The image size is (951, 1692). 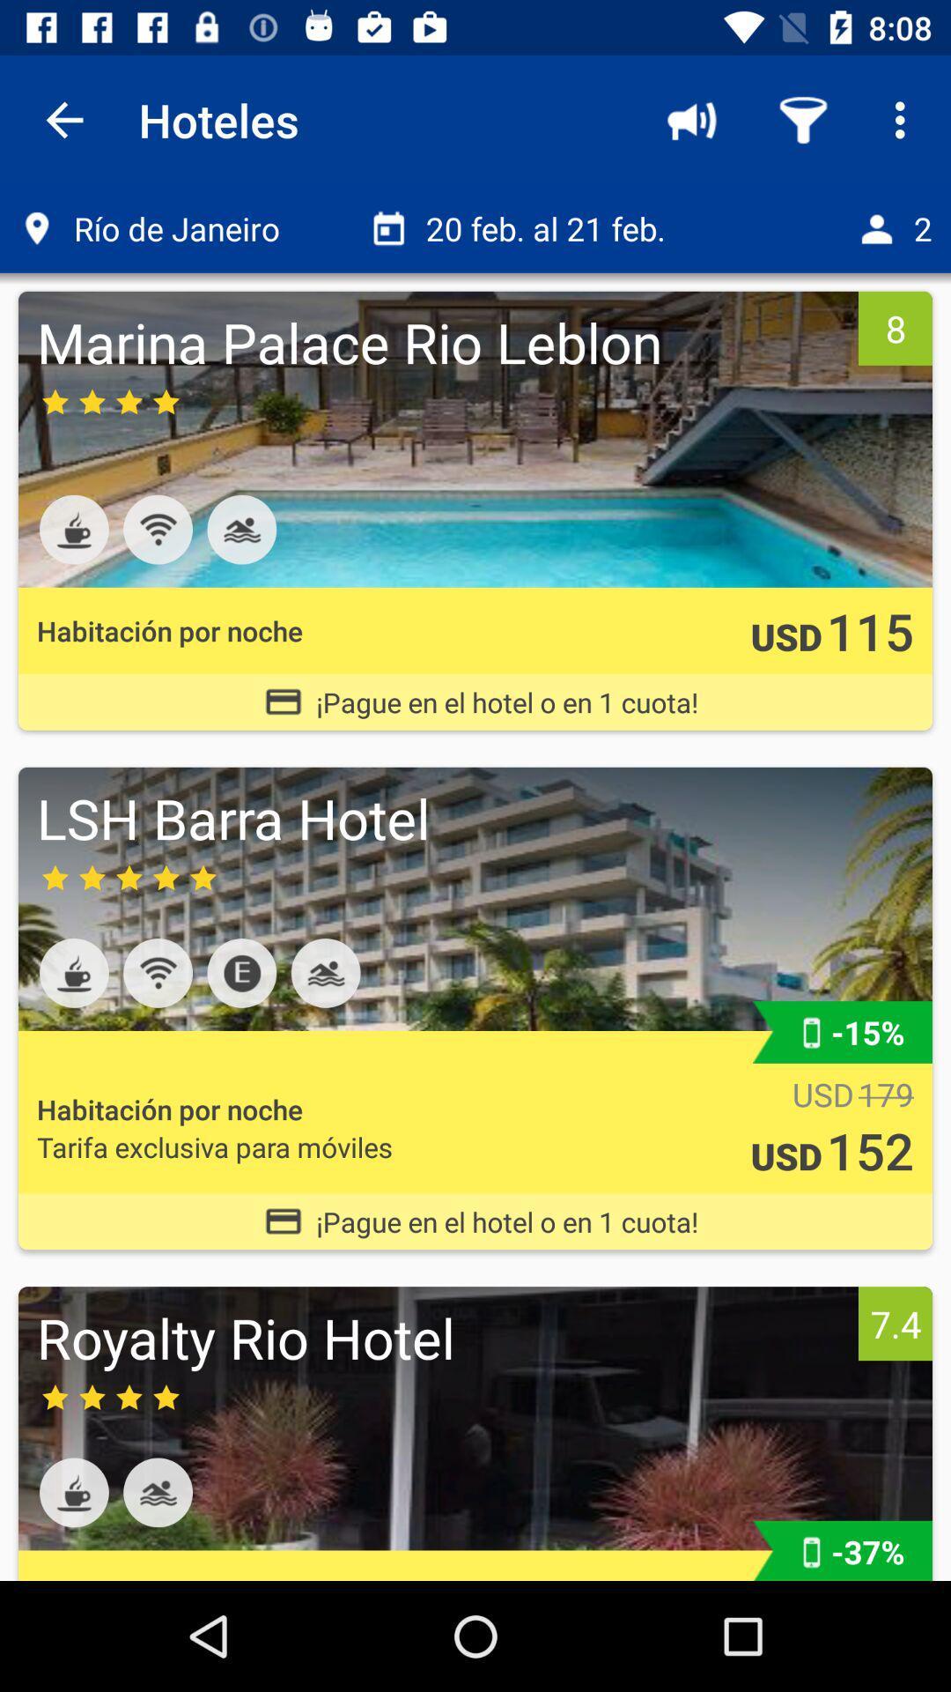 I want to click on the icon to the right of the usd item, so click(x=869, y=630).